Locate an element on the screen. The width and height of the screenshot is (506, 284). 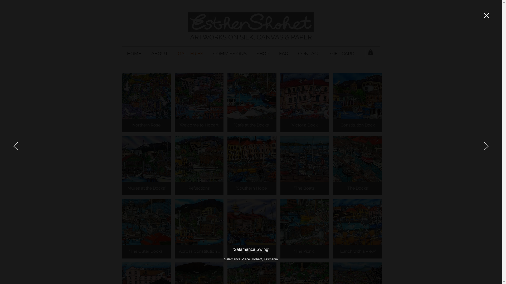
'SHOP' is located at coordinates (251, 53).